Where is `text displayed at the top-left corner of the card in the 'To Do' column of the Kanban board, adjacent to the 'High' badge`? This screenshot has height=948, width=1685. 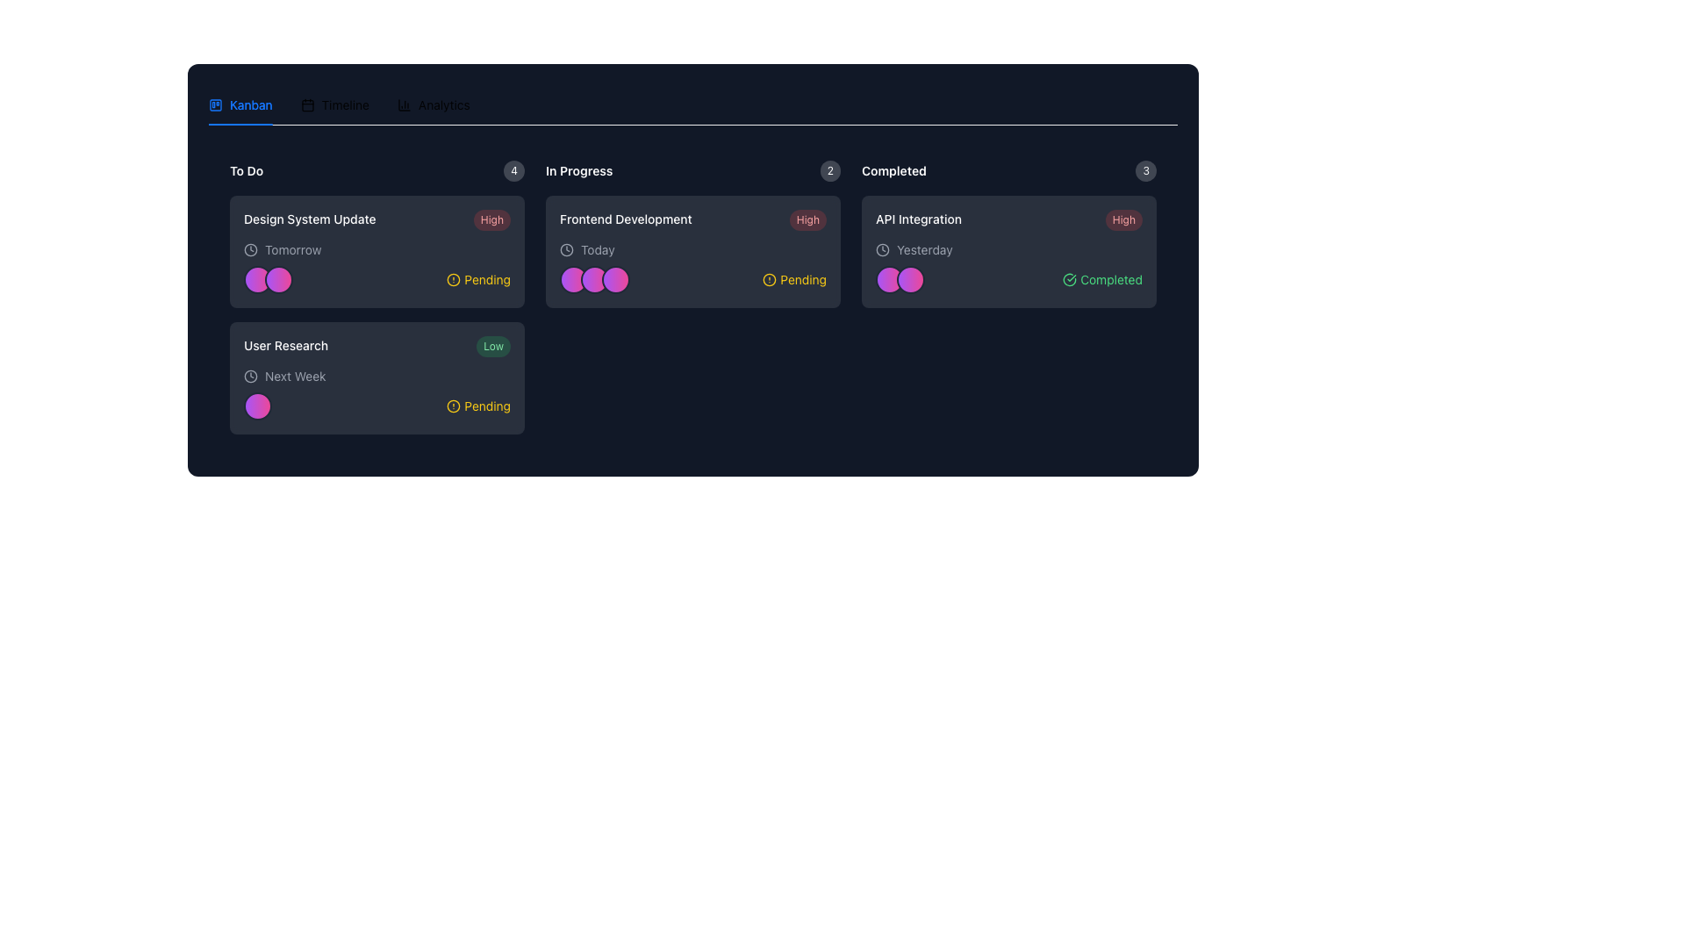 text displayed at the top-left corner of the card in the 'To Do' column of the Kanban board, adjacent to the 'High' badge is located at coordinates (310, 219).